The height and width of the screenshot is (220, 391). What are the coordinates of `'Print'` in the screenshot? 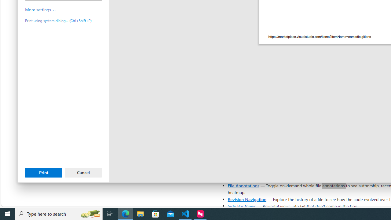 It's located at (43, 172).